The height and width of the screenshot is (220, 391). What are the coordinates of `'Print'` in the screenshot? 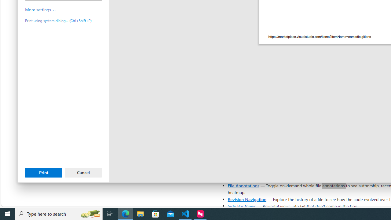 It's located at (43, 172).